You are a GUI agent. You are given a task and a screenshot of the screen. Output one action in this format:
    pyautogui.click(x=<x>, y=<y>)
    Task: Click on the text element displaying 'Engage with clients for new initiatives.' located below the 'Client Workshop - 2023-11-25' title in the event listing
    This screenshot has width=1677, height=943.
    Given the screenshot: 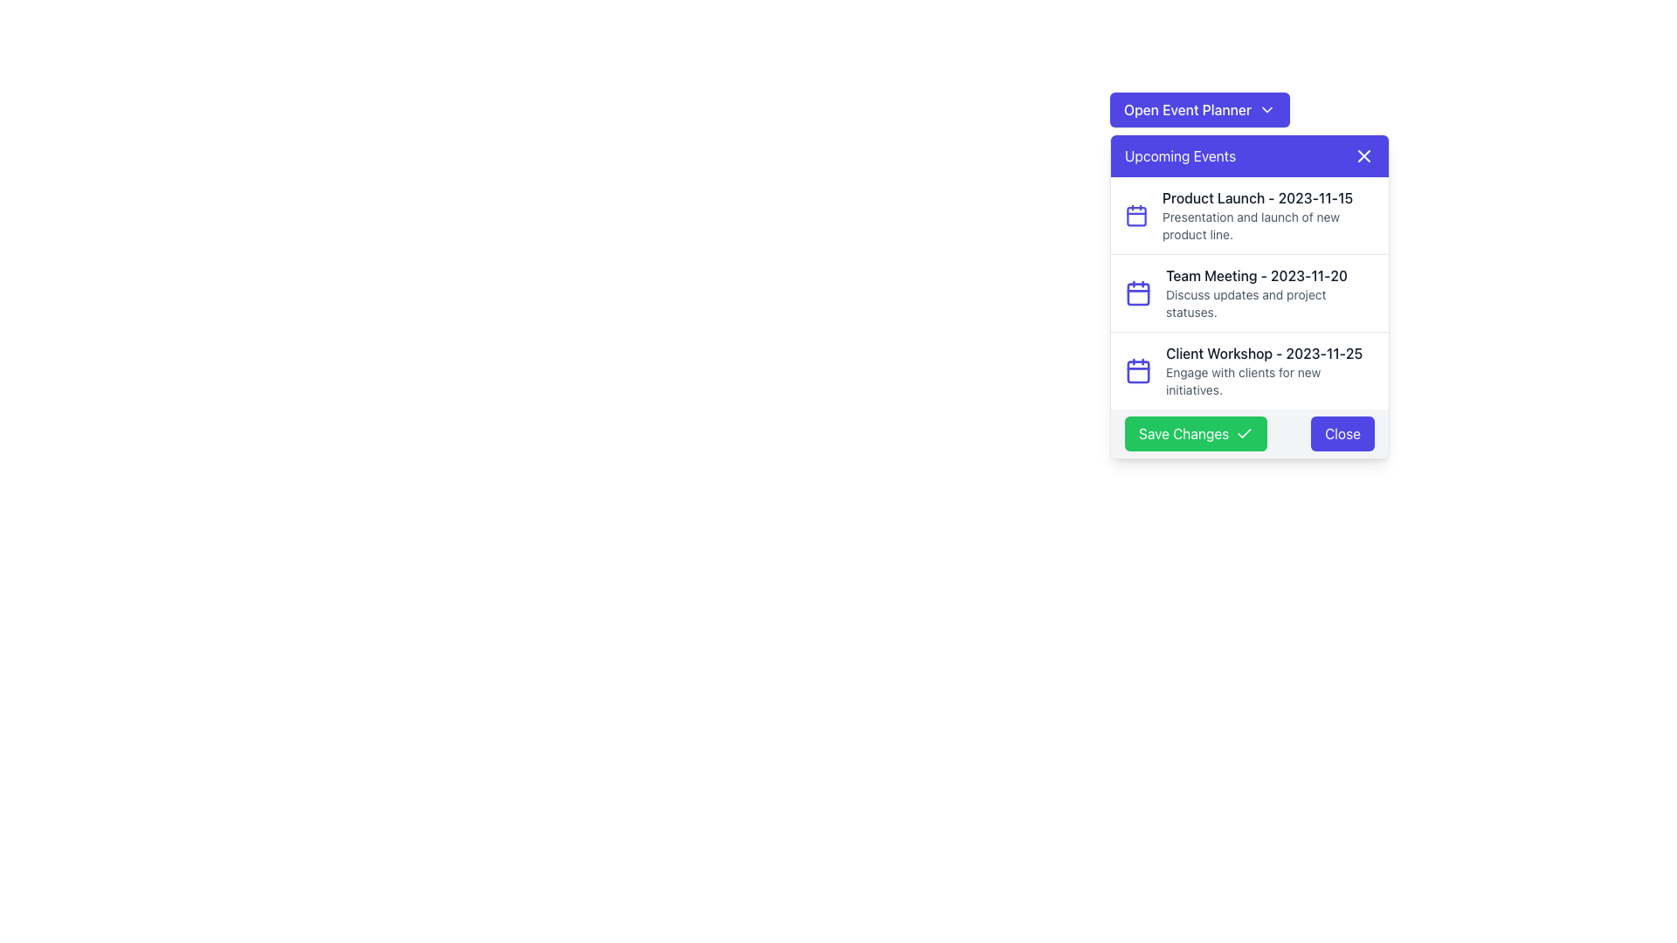 What is the action you would take?
    pyautogui.click(x=1270, y=380)
    